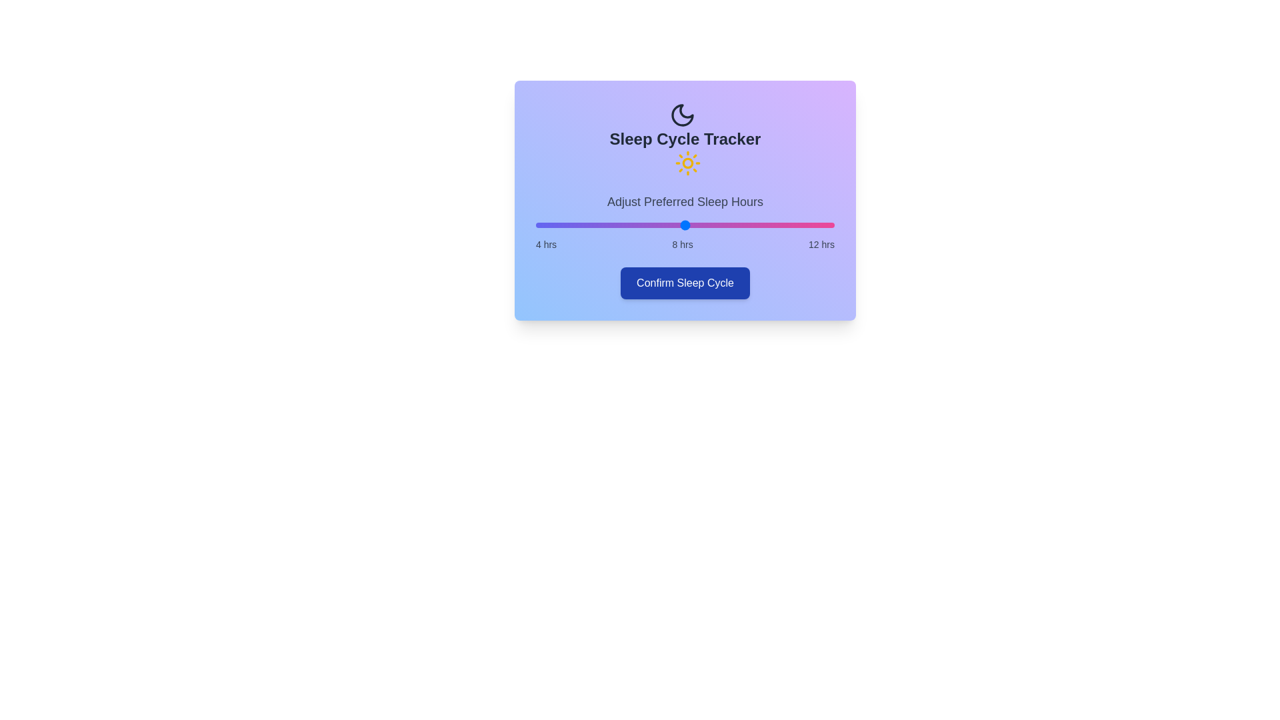 The width and height of the screenshot is (1280, 720). Describe the element at coordinates (760, 225) in the screenshot. I see `the sleep hours slider to 10 hours` at that location.